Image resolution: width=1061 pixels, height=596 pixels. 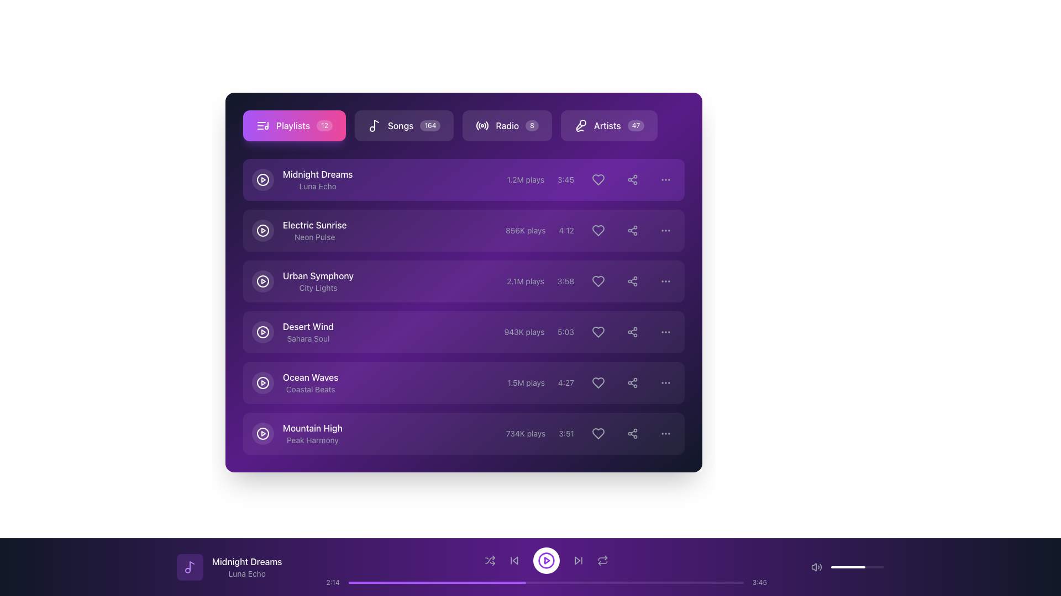 I want to click on the options menu trigger button located on the right-hand side of the 'Desert Wind' track in the playlist, so click(x=665, y=331).